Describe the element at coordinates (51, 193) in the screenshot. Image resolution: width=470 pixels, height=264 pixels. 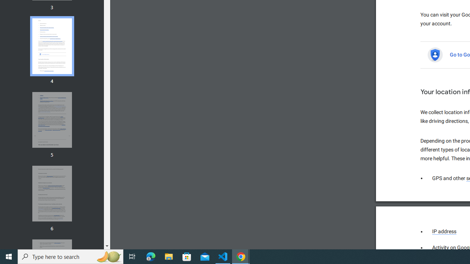
I see `'Thumbnail for page 6'` at that location.